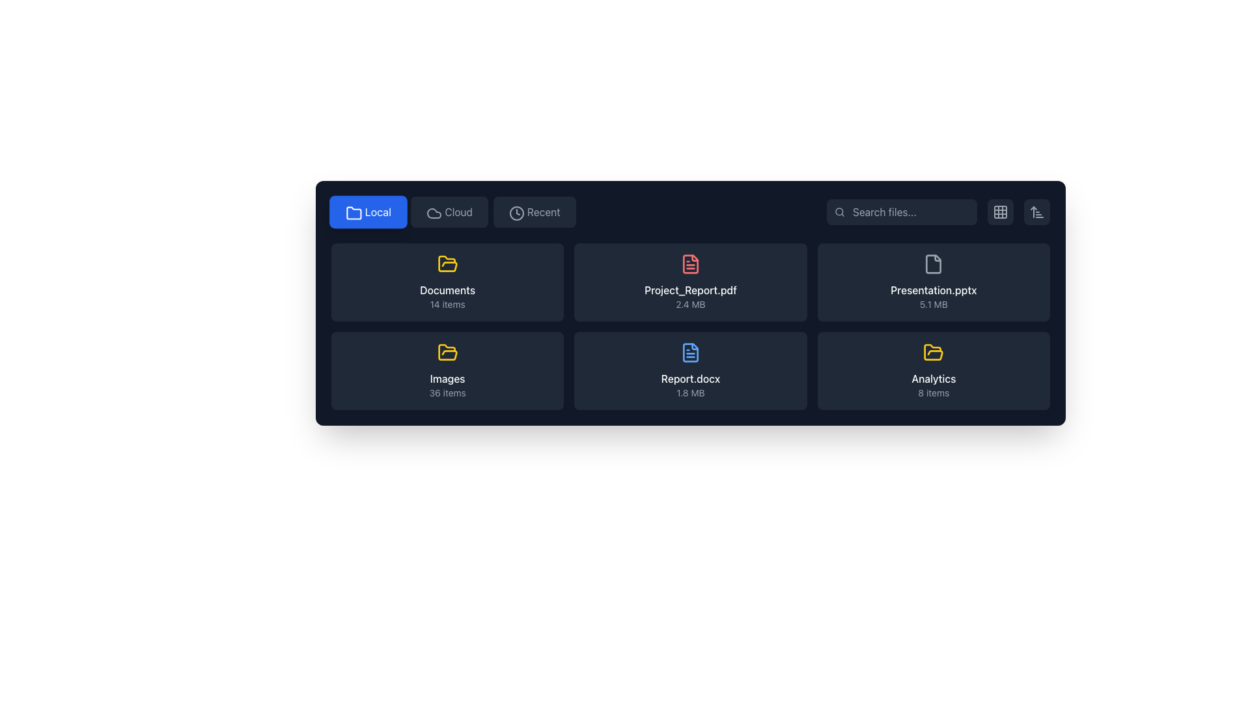 The image size is (1250, 703). Describe the element at coordinates (840, 212) in the screenshot. I see `the search icon represented by a magnifying glass graphic, located at the top right of the interface within the search bar` at that location.